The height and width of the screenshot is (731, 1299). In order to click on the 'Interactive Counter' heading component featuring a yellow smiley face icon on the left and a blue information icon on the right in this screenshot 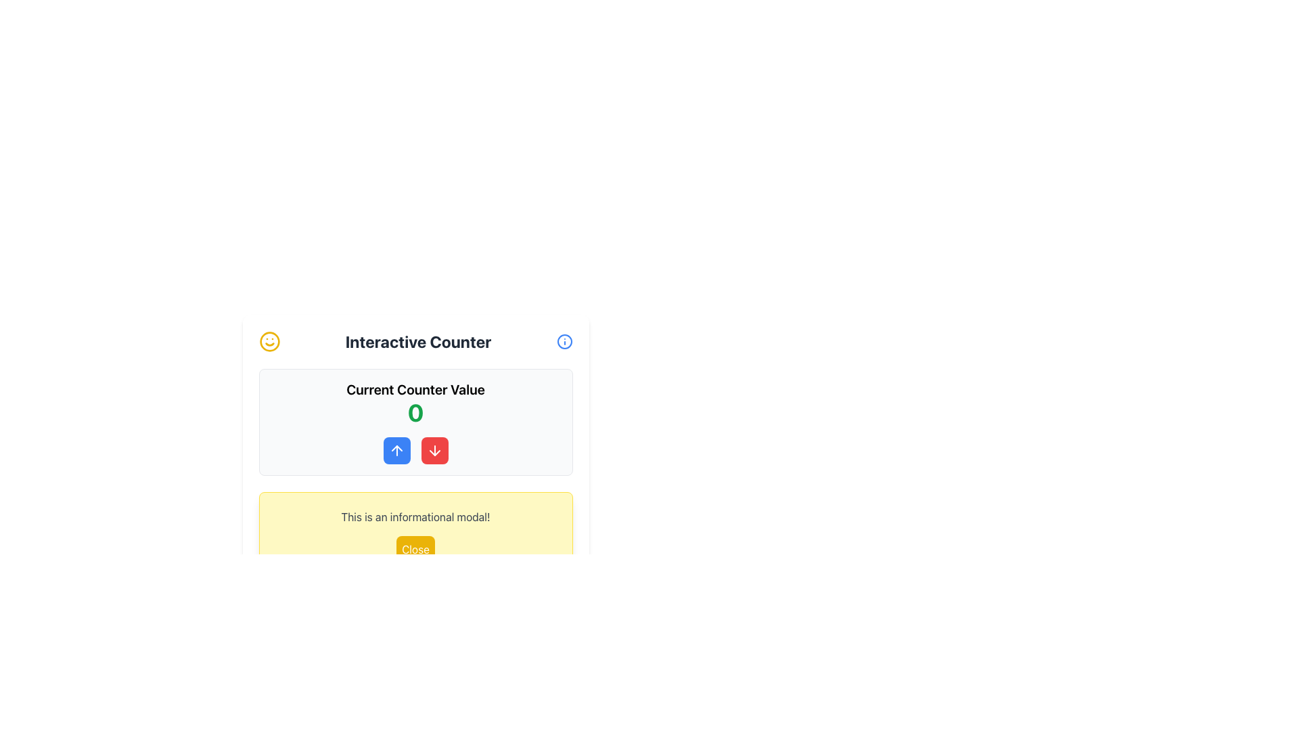, I will do `click(415, 341)`.